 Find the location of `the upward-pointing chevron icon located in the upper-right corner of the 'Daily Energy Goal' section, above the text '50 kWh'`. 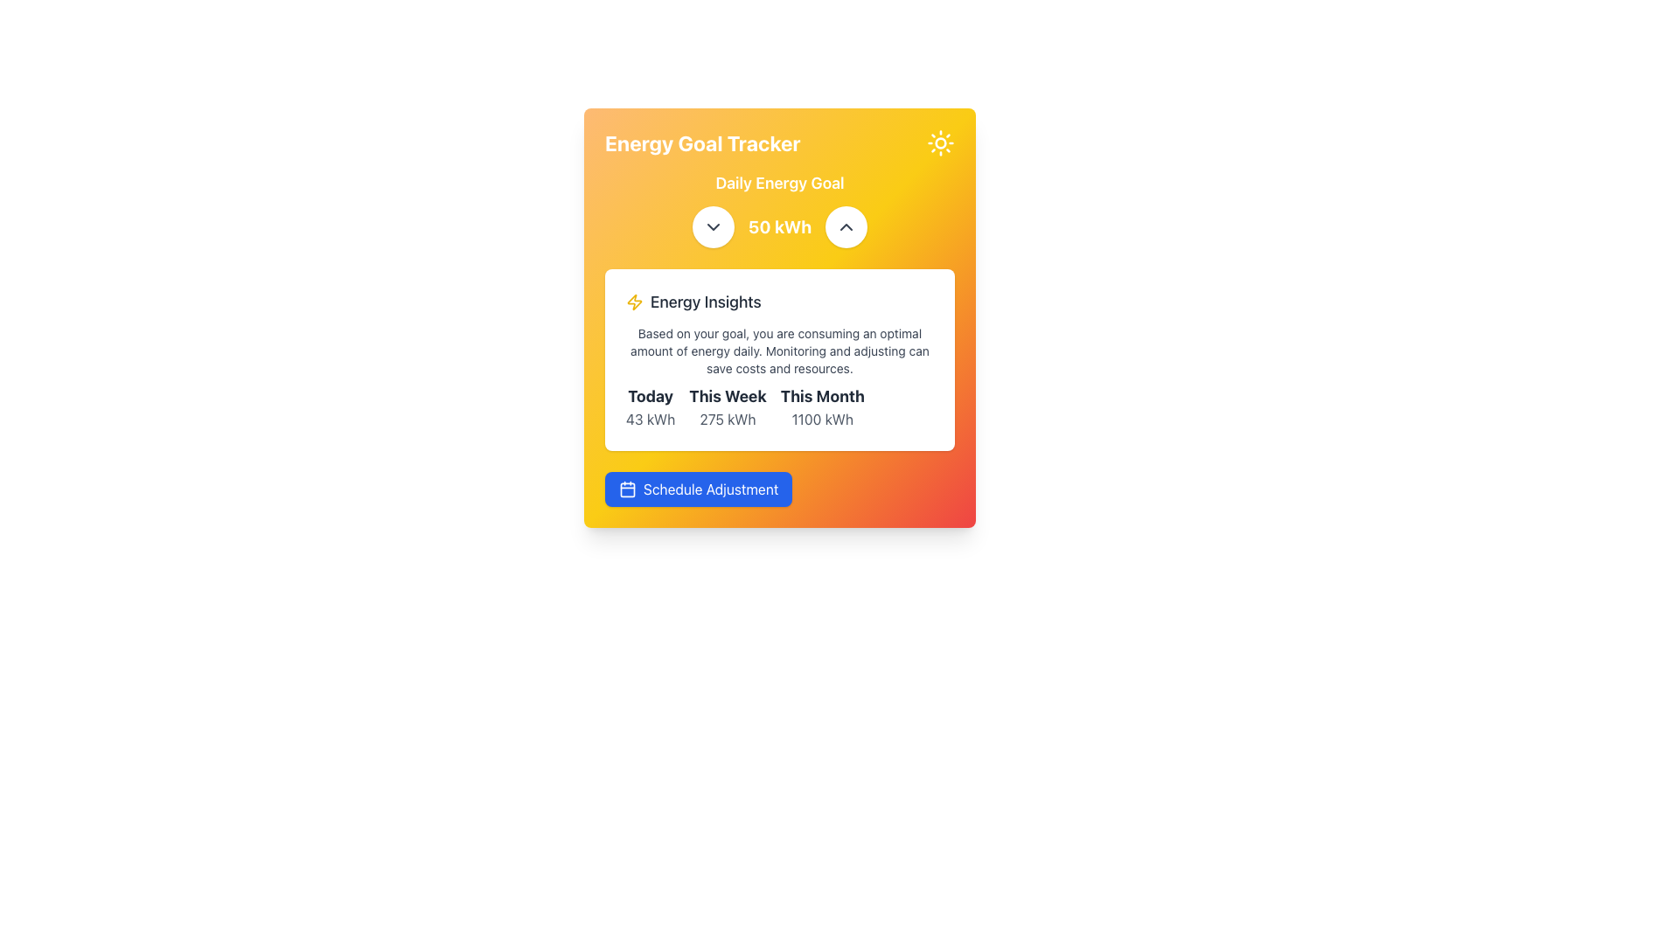

the upward-pointing chevron icon located in the upper-right corner of the 'Daily Energy Goal' section, above the text '50 kWh' is located at coordinates (846, 226).